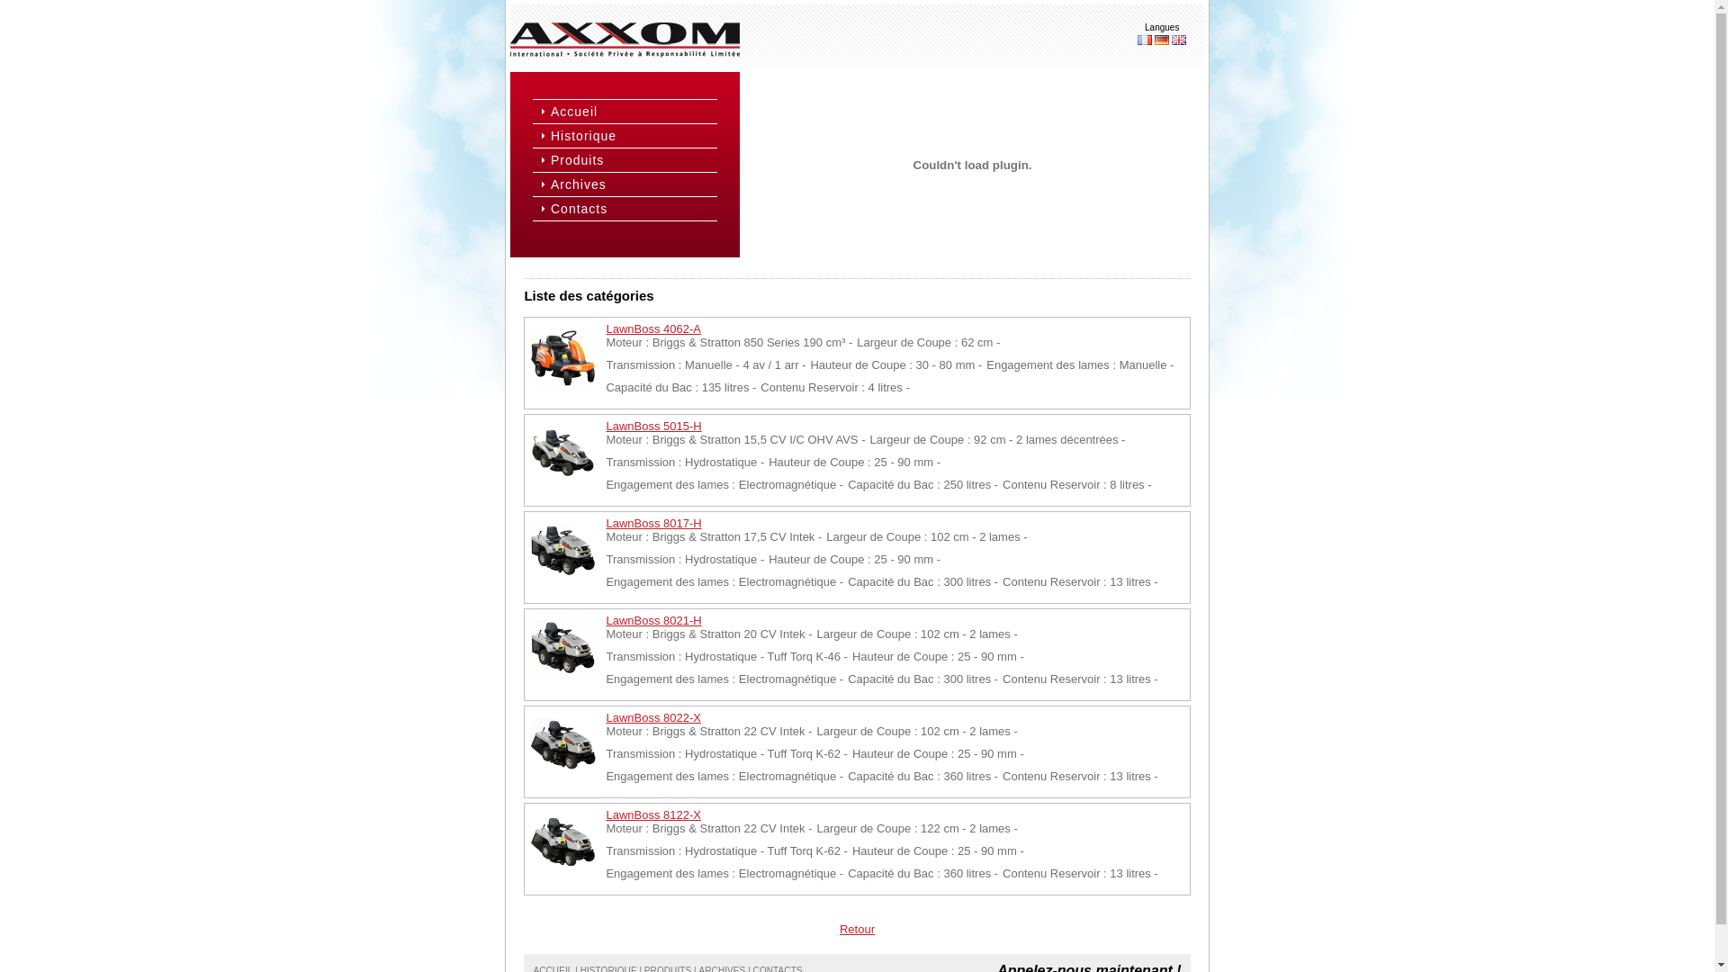  I want to click on 'LawnBoss 8122-X', so click(652, 814).